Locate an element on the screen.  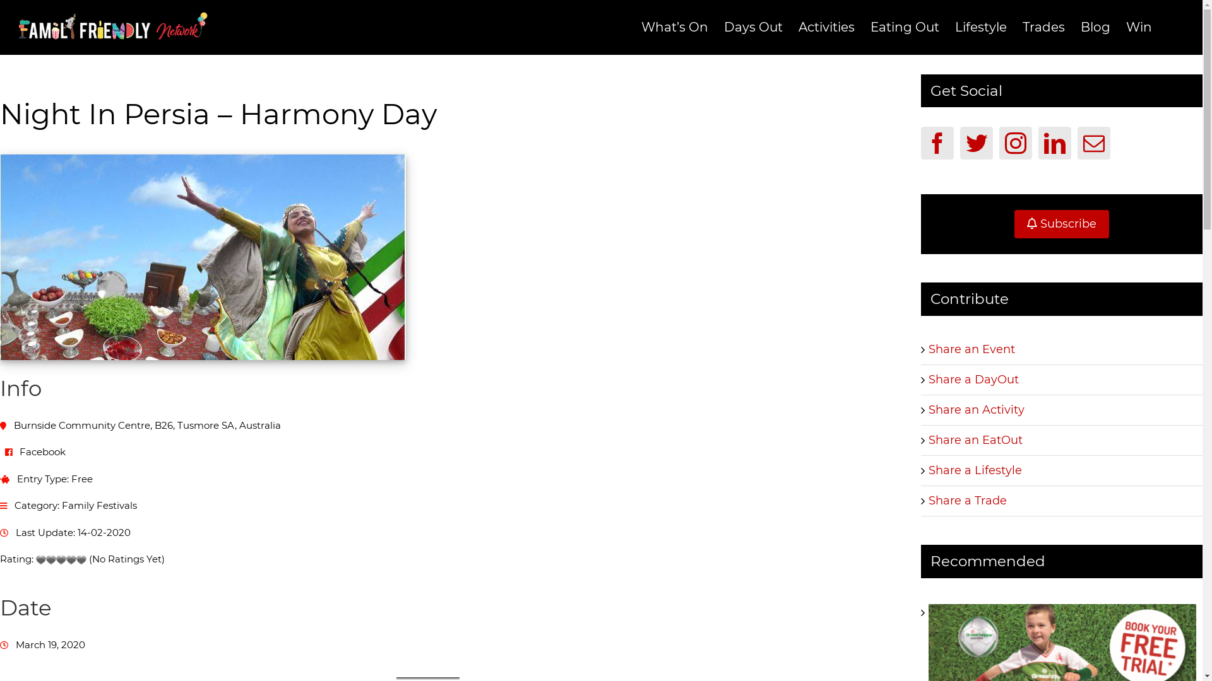
'Share an Activity' is located at coordinates (975, 410).